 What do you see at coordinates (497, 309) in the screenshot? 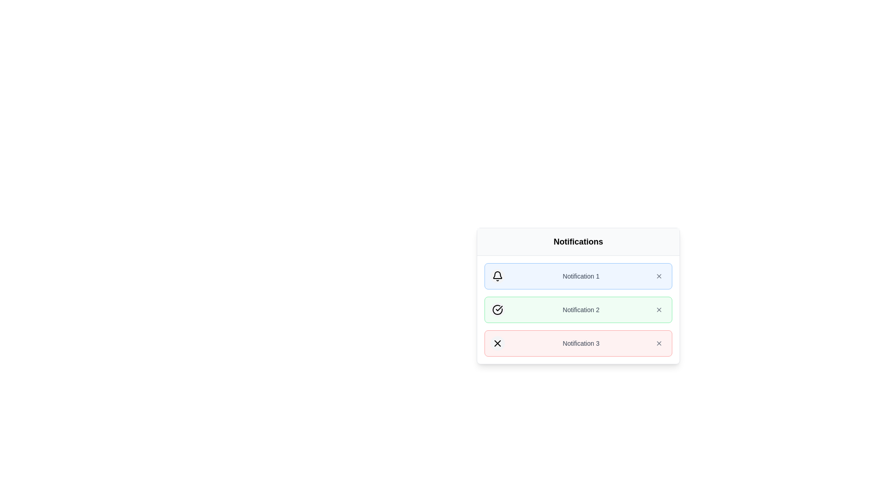
I see `the circular checkmark icon representing a completed status, located to the left of the 'Notification 2' text label` at bounding box center [497, 309].